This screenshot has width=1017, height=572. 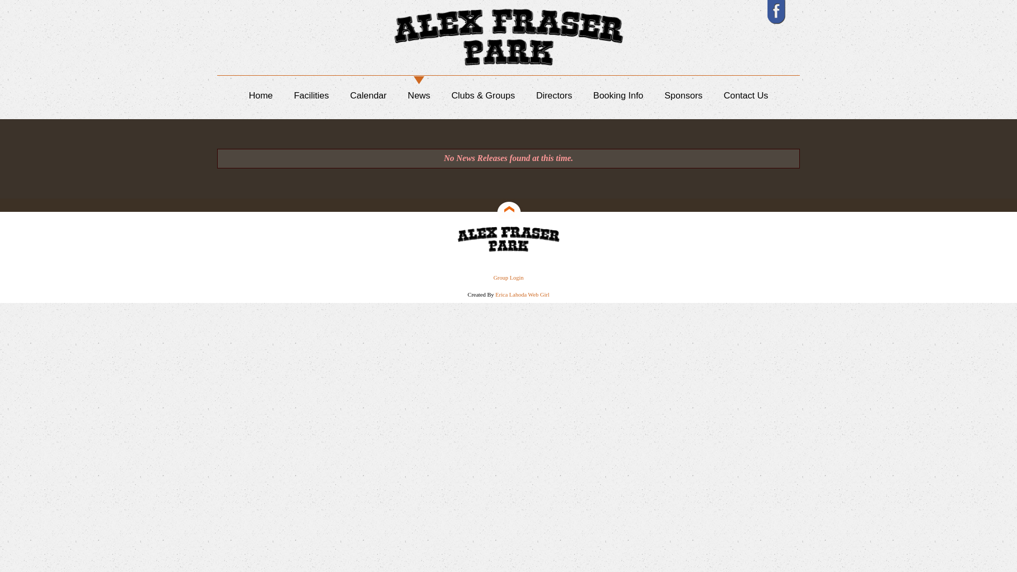 What do you see at coordinates (592, 95) in the screenshot?
I see `'Booking Info'` at bounding box center [592, 95].